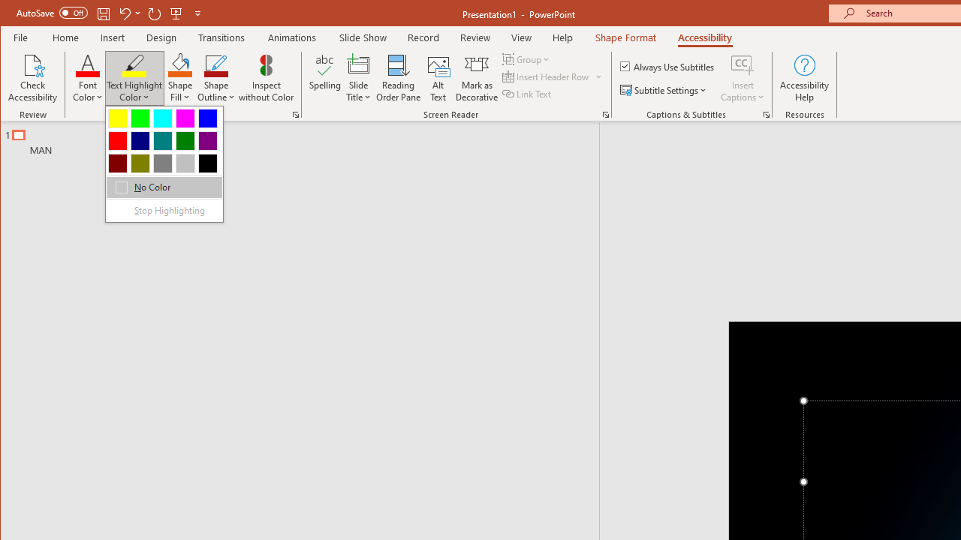 The image size is (961, 540). Describe the element at coordinates (476, 78) in the screenshot. I see `'Mark as Decorative'` at that location.